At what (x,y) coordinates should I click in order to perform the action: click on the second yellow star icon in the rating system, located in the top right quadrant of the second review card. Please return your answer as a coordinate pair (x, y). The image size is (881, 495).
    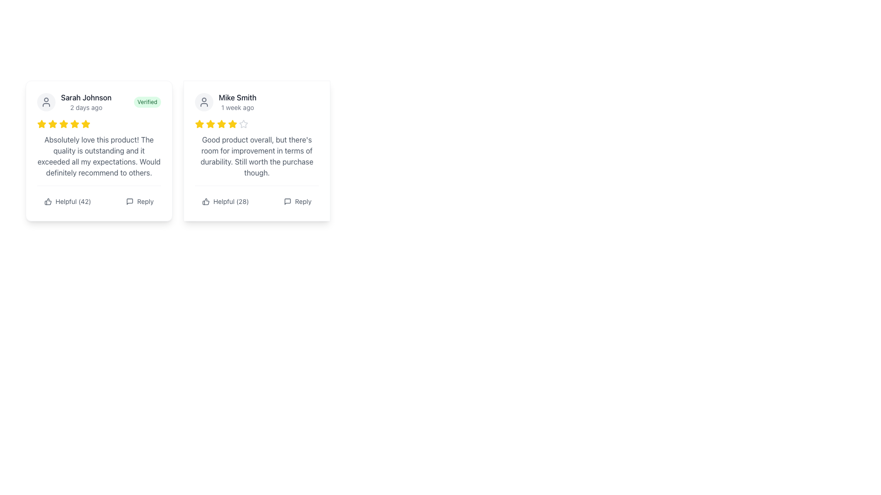
    Looking at the image, I should click on (222, 124).